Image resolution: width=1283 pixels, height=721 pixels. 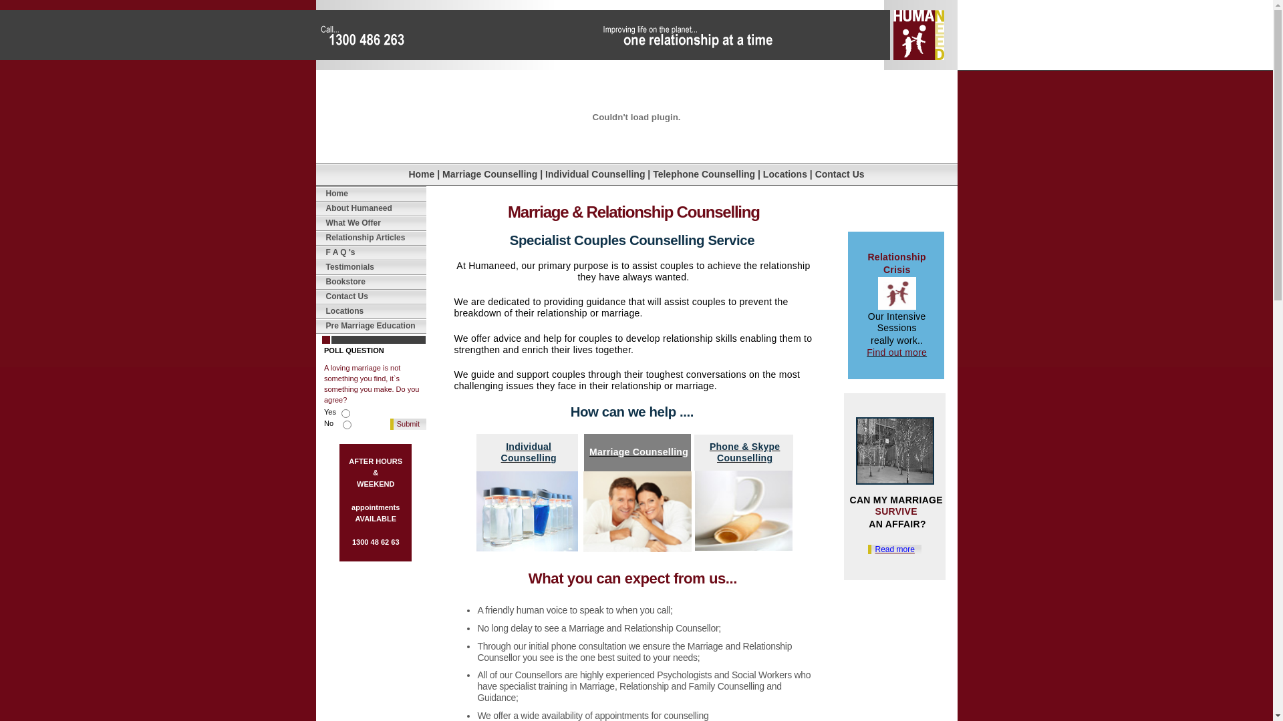 What do you see at coordinates (868, 549) in the screenshot?
I see `'Read more'` at bounding box center [868, 549].